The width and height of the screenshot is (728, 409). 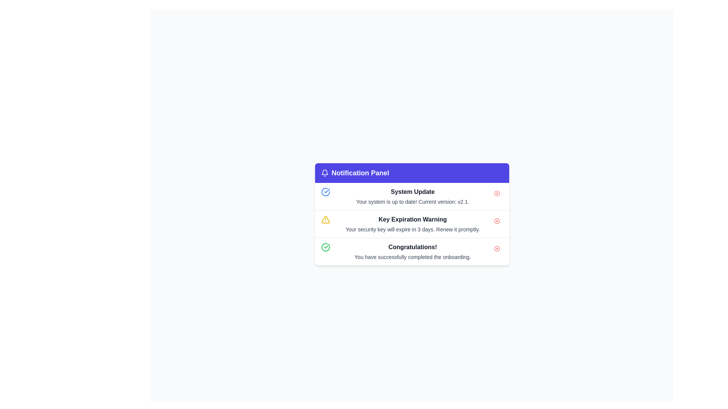 I want to click on the text label that states 'Your security key will expire in 3 days. Renew it promptly.' located below the 'Key Expiration Warning' header, so click(x=412, y=229).